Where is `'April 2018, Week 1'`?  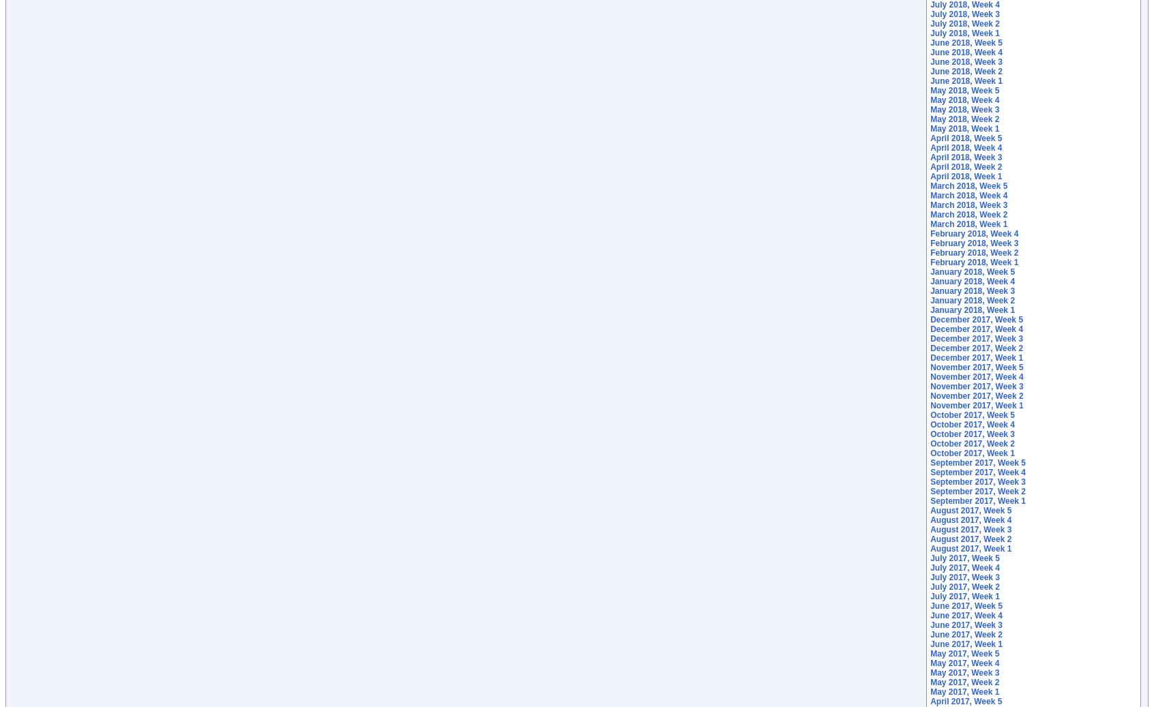 'April 2018, Week 1' is located at coordinates (965, 176).